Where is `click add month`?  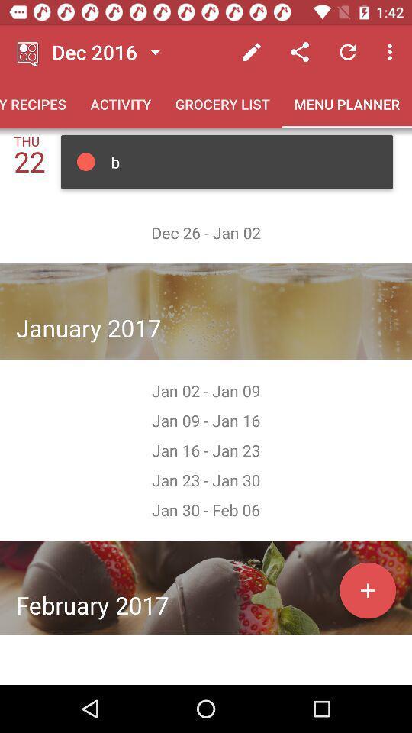 click add month is located at coordinates (367, 589).